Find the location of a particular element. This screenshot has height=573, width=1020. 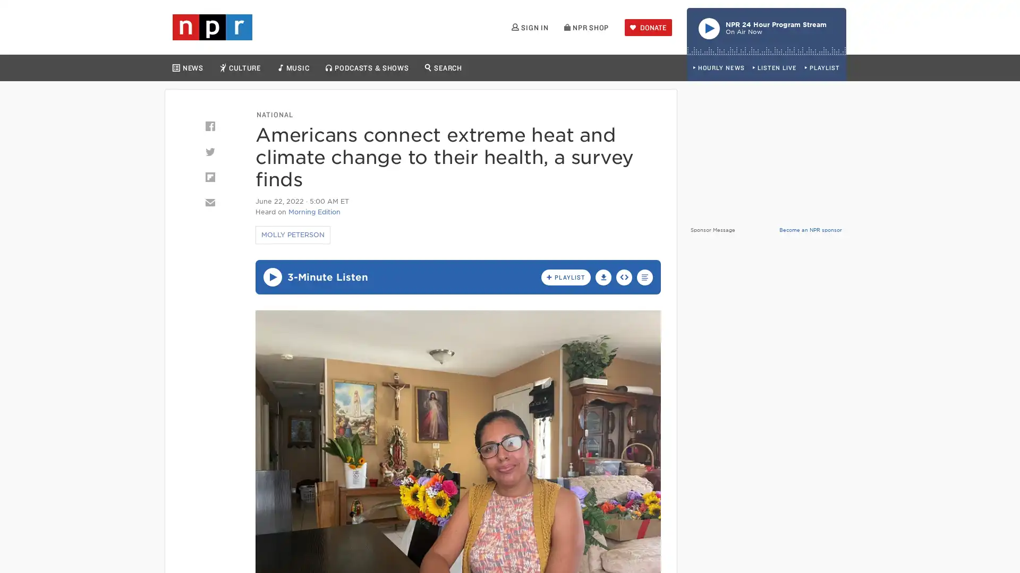

Add to PLAYLIST is located at coordinates (565, 276).